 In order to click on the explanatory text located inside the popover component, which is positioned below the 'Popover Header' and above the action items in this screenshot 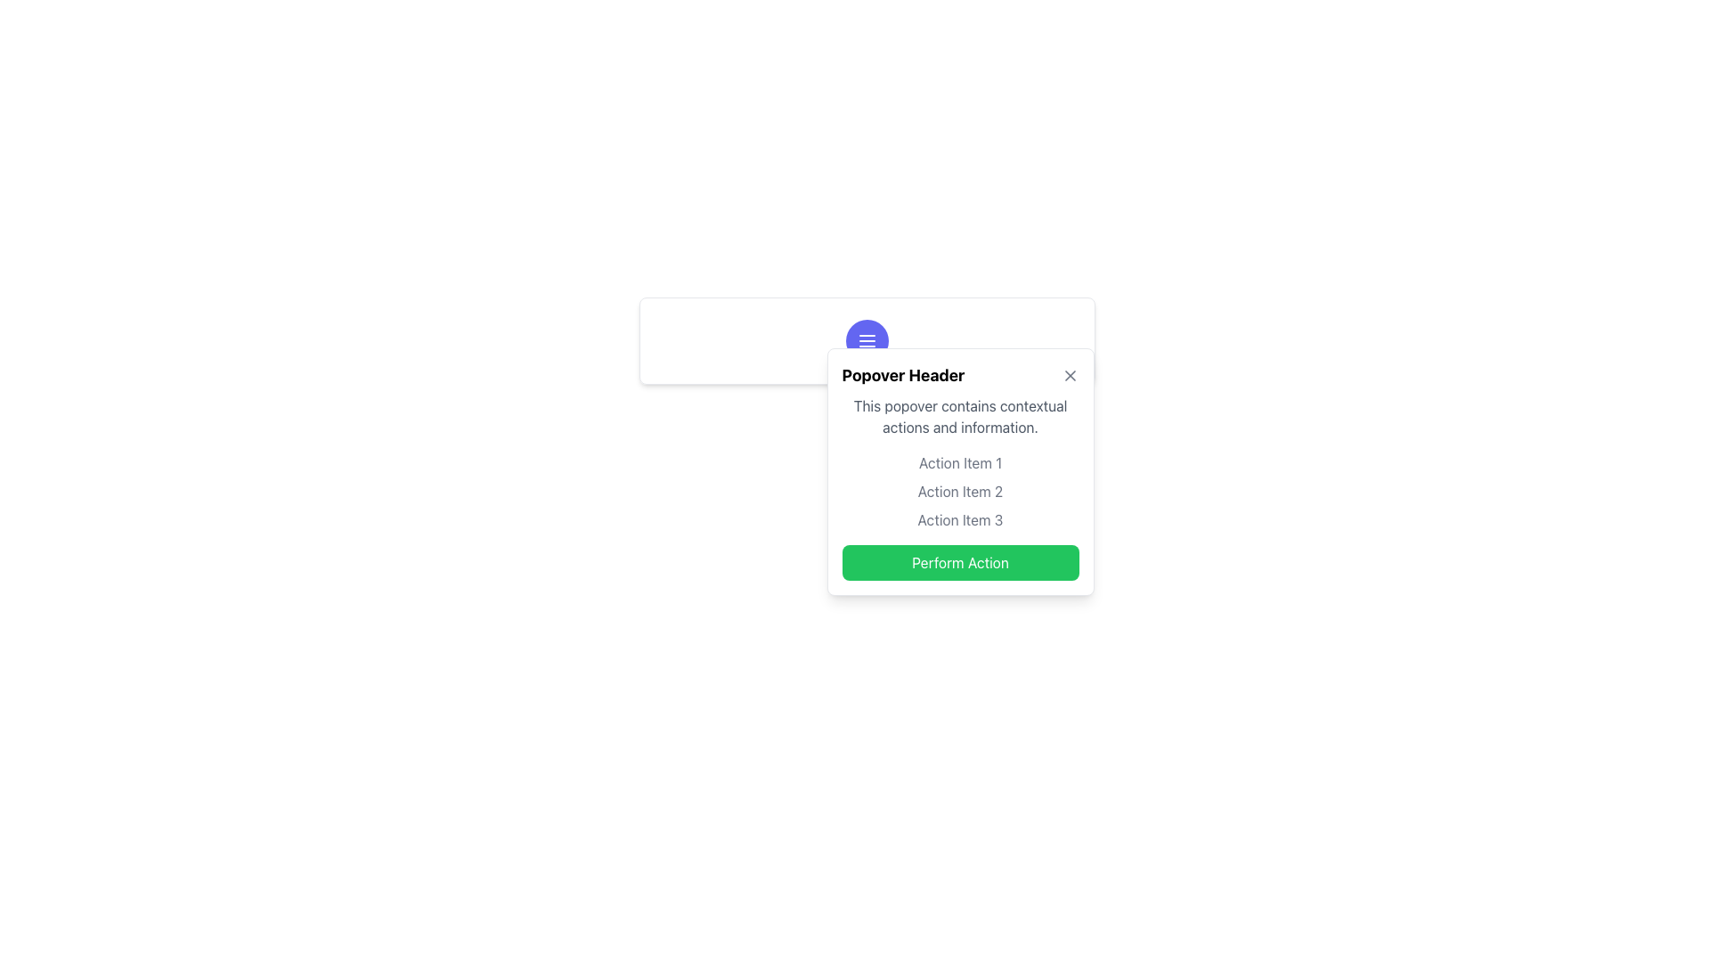, I will do `click(959, 416)`.